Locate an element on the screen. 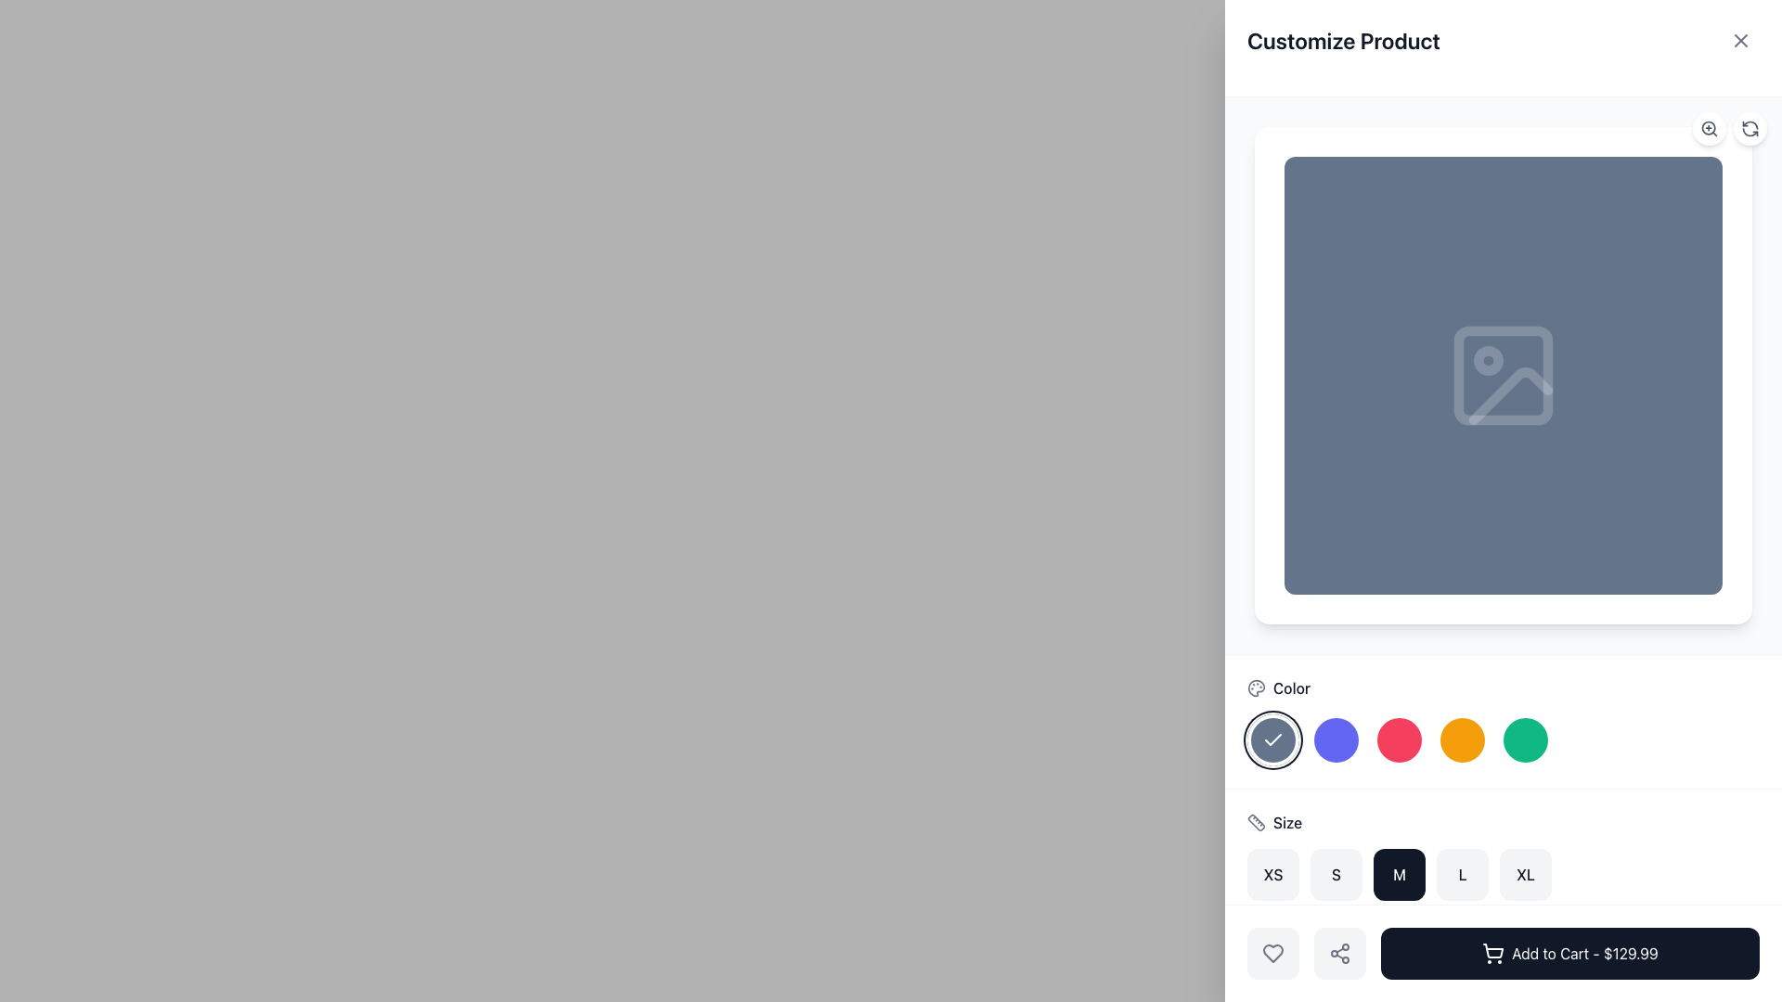 The height and width of the screenshot is (1002, 1782). the third circle color option in the customization interface is located at coordinates (1399, 739).